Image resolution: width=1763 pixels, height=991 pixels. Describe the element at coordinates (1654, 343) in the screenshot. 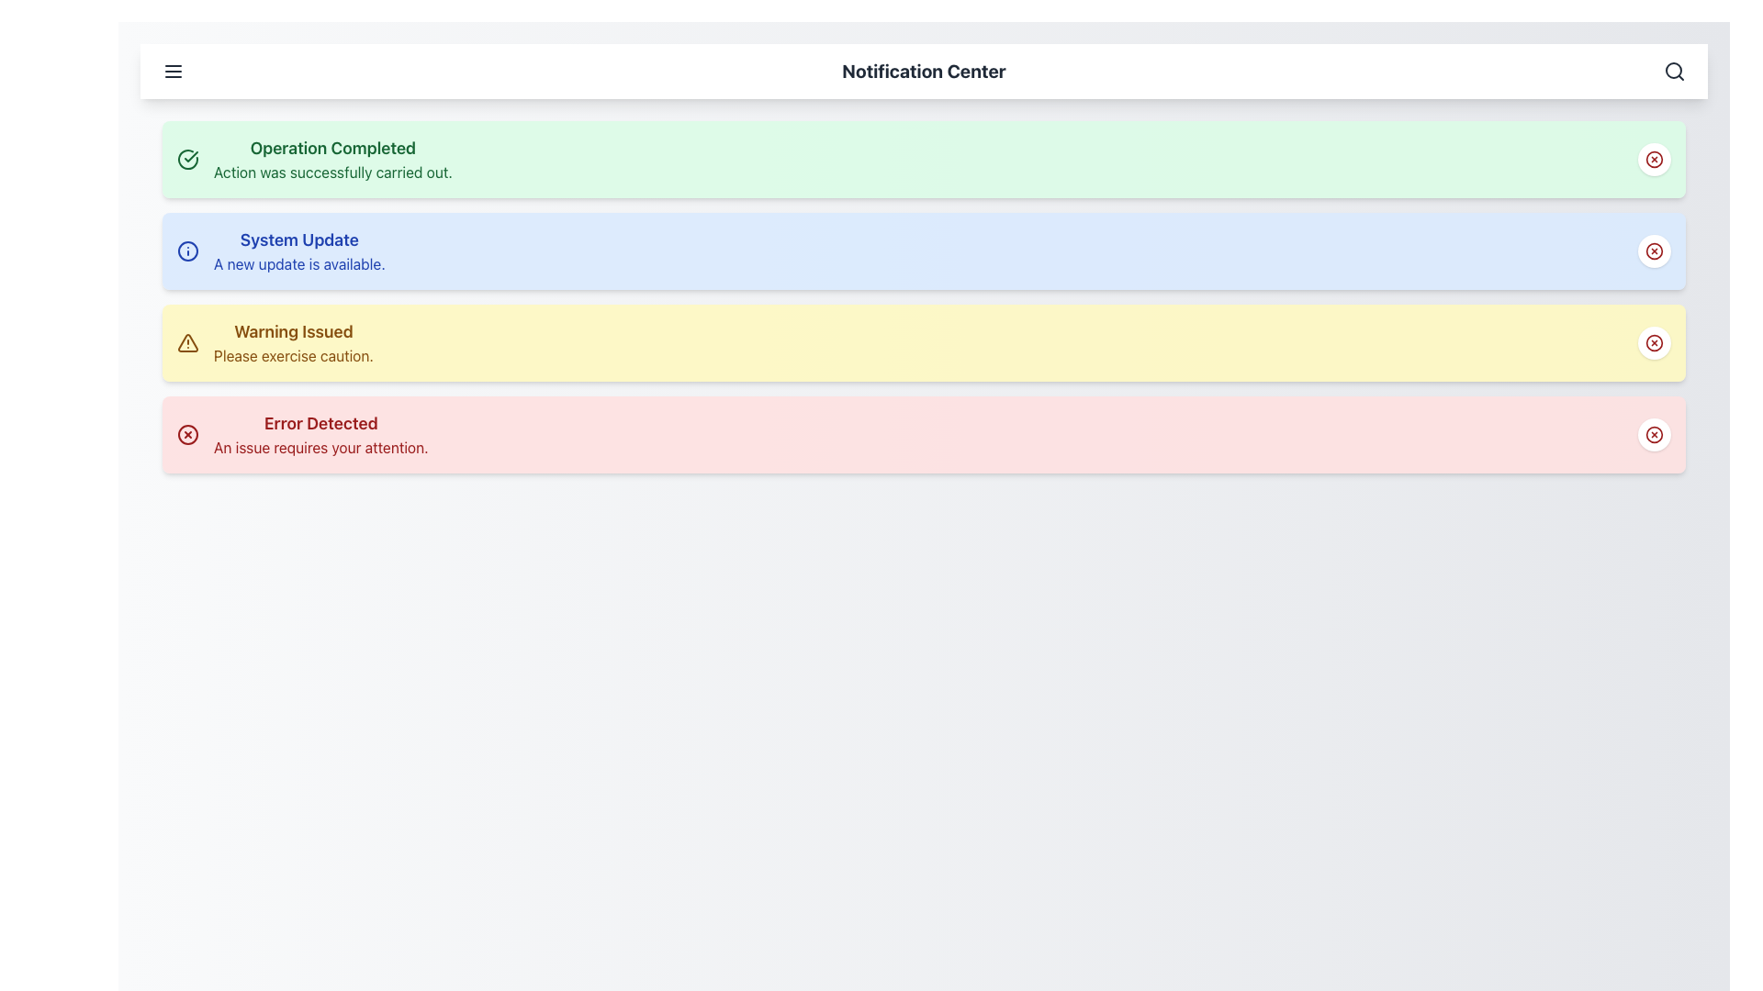

I see `the SVG-based circular icon with a cross used as a close or warning indicator in the fourth notification panel with a yellow background that says 'Warning Issued'` at that location.